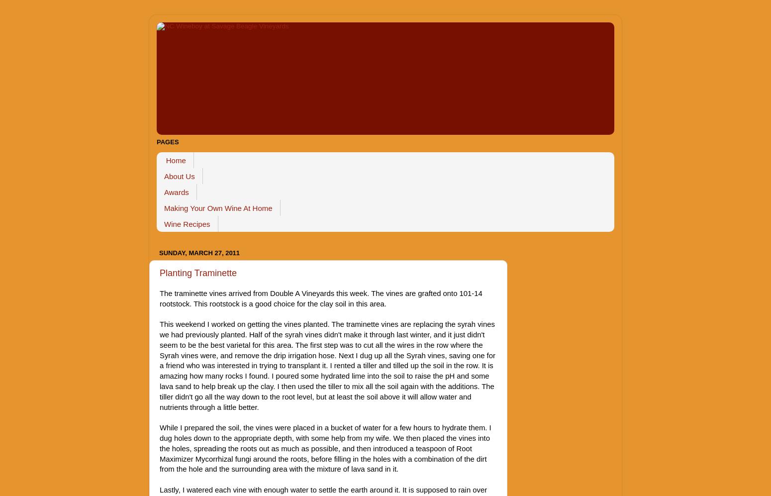  What do you see at coordinates (175, 159) in the screenshot?
I see `'Home'` at bounding box center [175, 159].